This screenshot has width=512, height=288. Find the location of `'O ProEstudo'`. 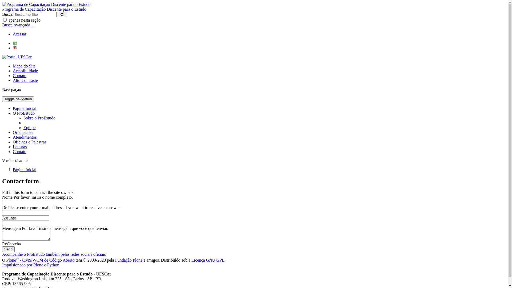

'O ProEstudo' is located at coordinates (13, 113).